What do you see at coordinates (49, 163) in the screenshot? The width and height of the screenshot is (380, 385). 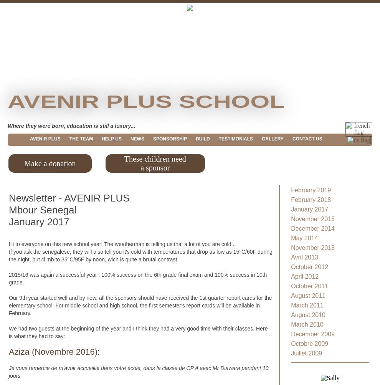 I see `'Make a donation'` at bounding box center [49, 163].